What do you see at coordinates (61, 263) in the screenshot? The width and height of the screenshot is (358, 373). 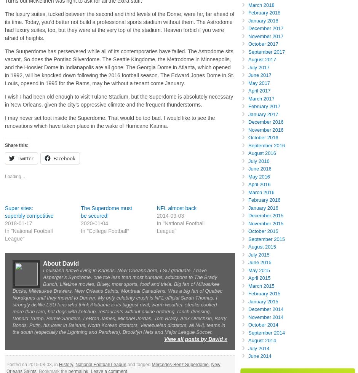 I see `'About David'` at bounding box center [61, 263].